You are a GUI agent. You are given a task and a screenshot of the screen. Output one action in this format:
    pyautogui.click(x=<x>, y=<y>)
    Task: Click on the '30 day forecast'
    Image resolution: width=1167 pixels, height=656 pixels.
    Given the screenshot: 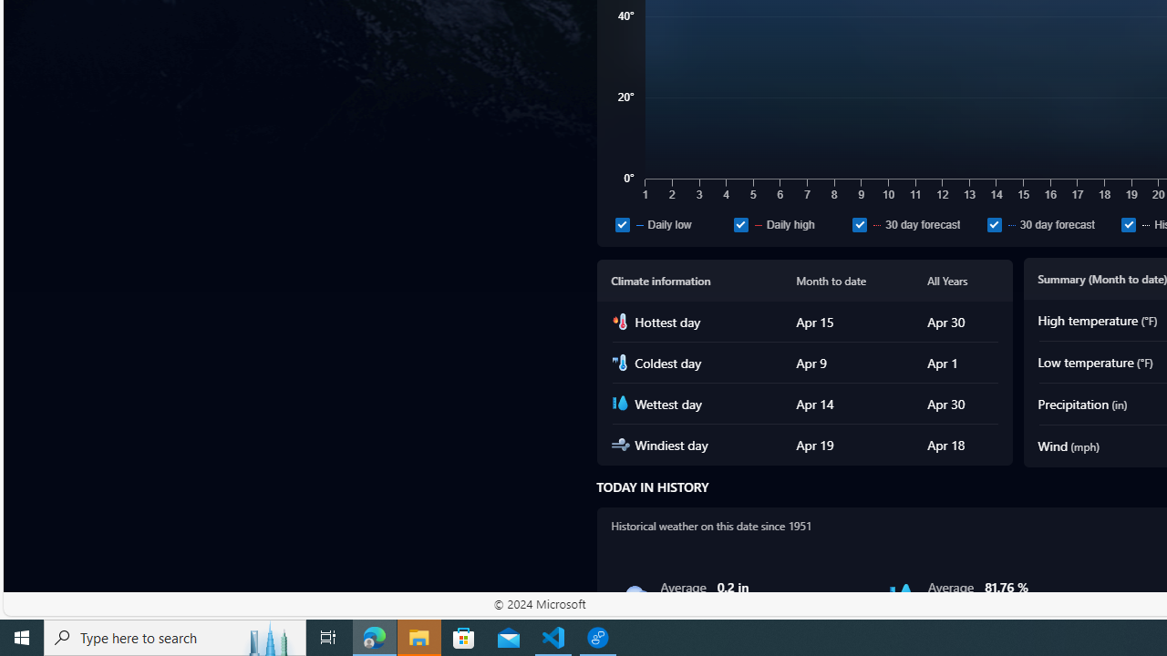 What is the action you would take?
    pyautogui.click(x=993, y=223)
    